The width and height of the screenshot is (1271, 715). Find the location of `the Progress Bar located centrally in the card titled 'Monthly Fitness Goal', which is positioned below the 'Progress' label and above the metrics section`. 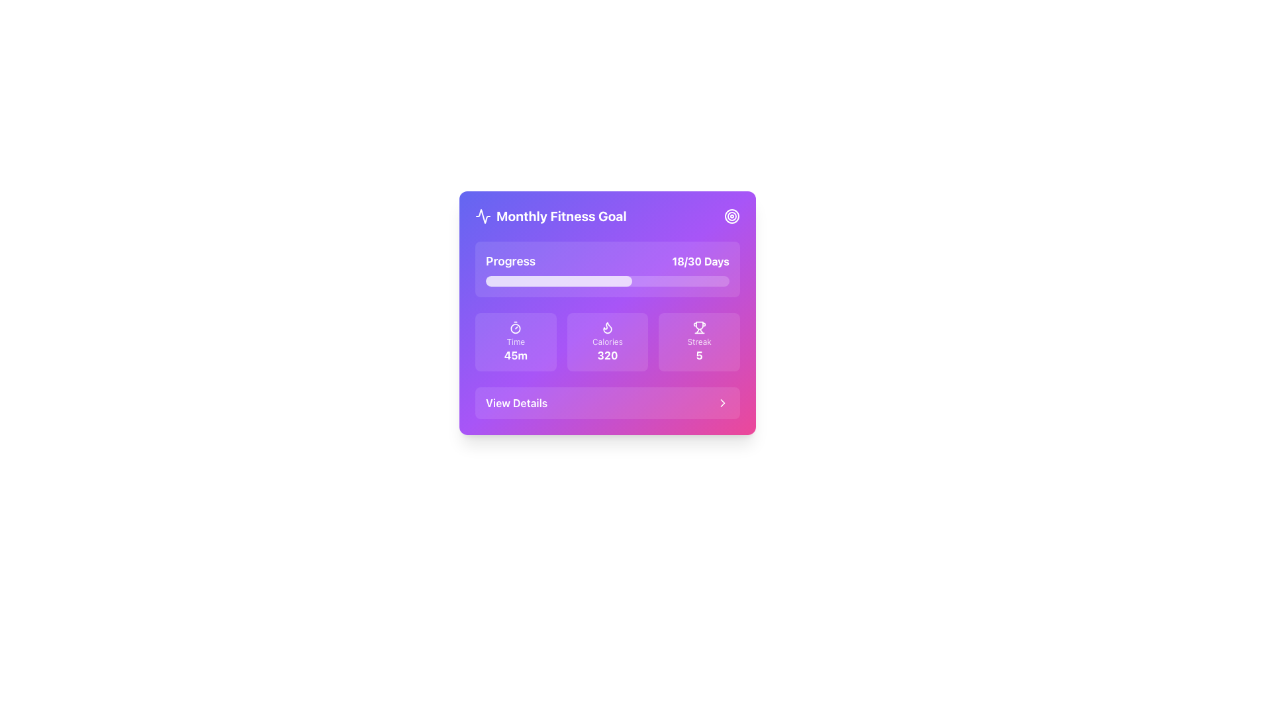

the Progress Bar located centrally in the card titled 'Monthly Fitness Goal', which is positioned below the 'Progress' label and above the metrics section is located at coordinates (559, 280).